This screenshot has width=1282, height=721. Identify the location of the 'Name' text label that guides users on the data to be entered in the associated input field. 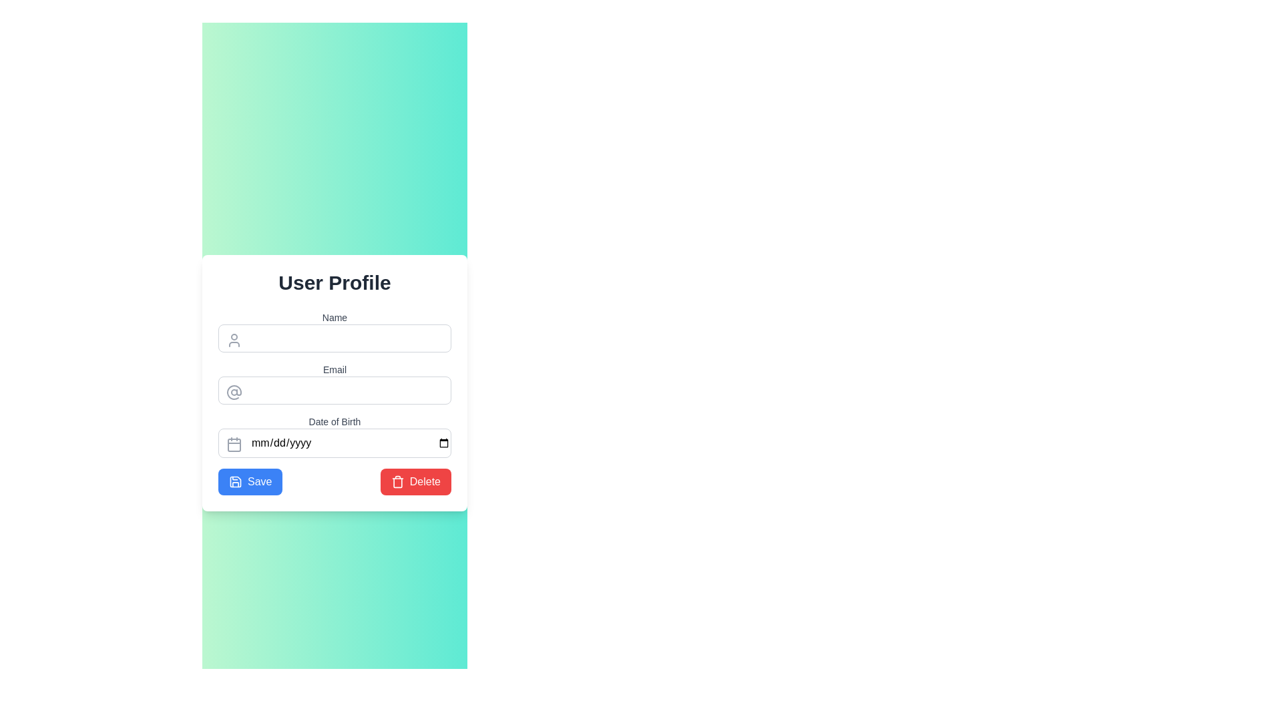
(335, 317).